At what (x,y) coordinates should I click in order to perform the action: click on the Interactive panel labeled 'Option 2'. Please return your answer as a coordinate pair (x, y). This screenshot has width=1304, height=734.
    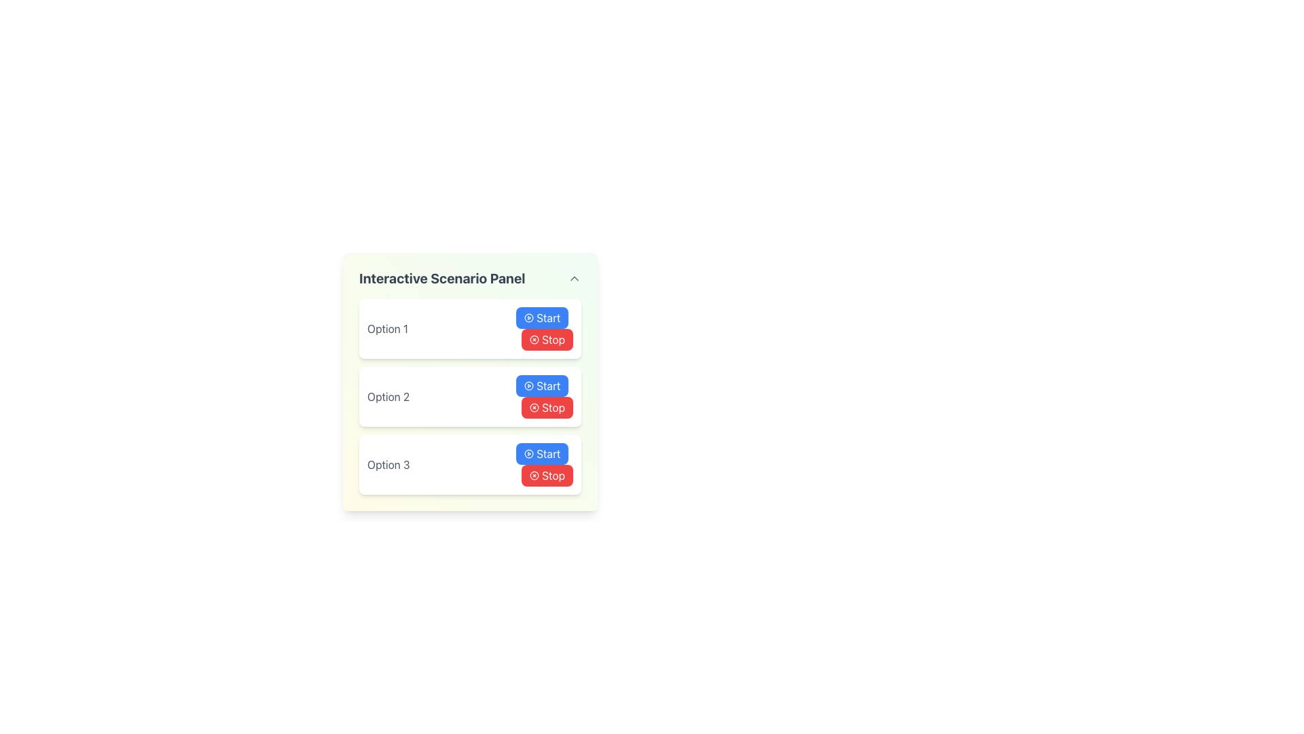
    Looking at the image, I should click on (470, 396).